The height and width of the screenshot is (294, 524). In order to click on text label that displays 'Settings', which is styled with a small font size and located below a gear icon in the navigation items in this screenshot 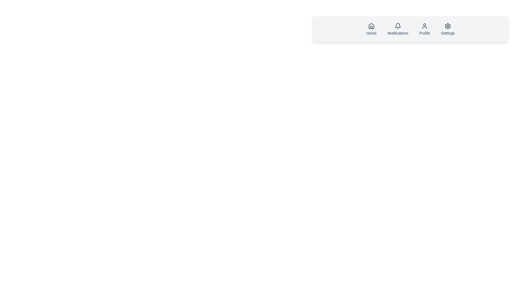, I will do `click(448, 33)`.